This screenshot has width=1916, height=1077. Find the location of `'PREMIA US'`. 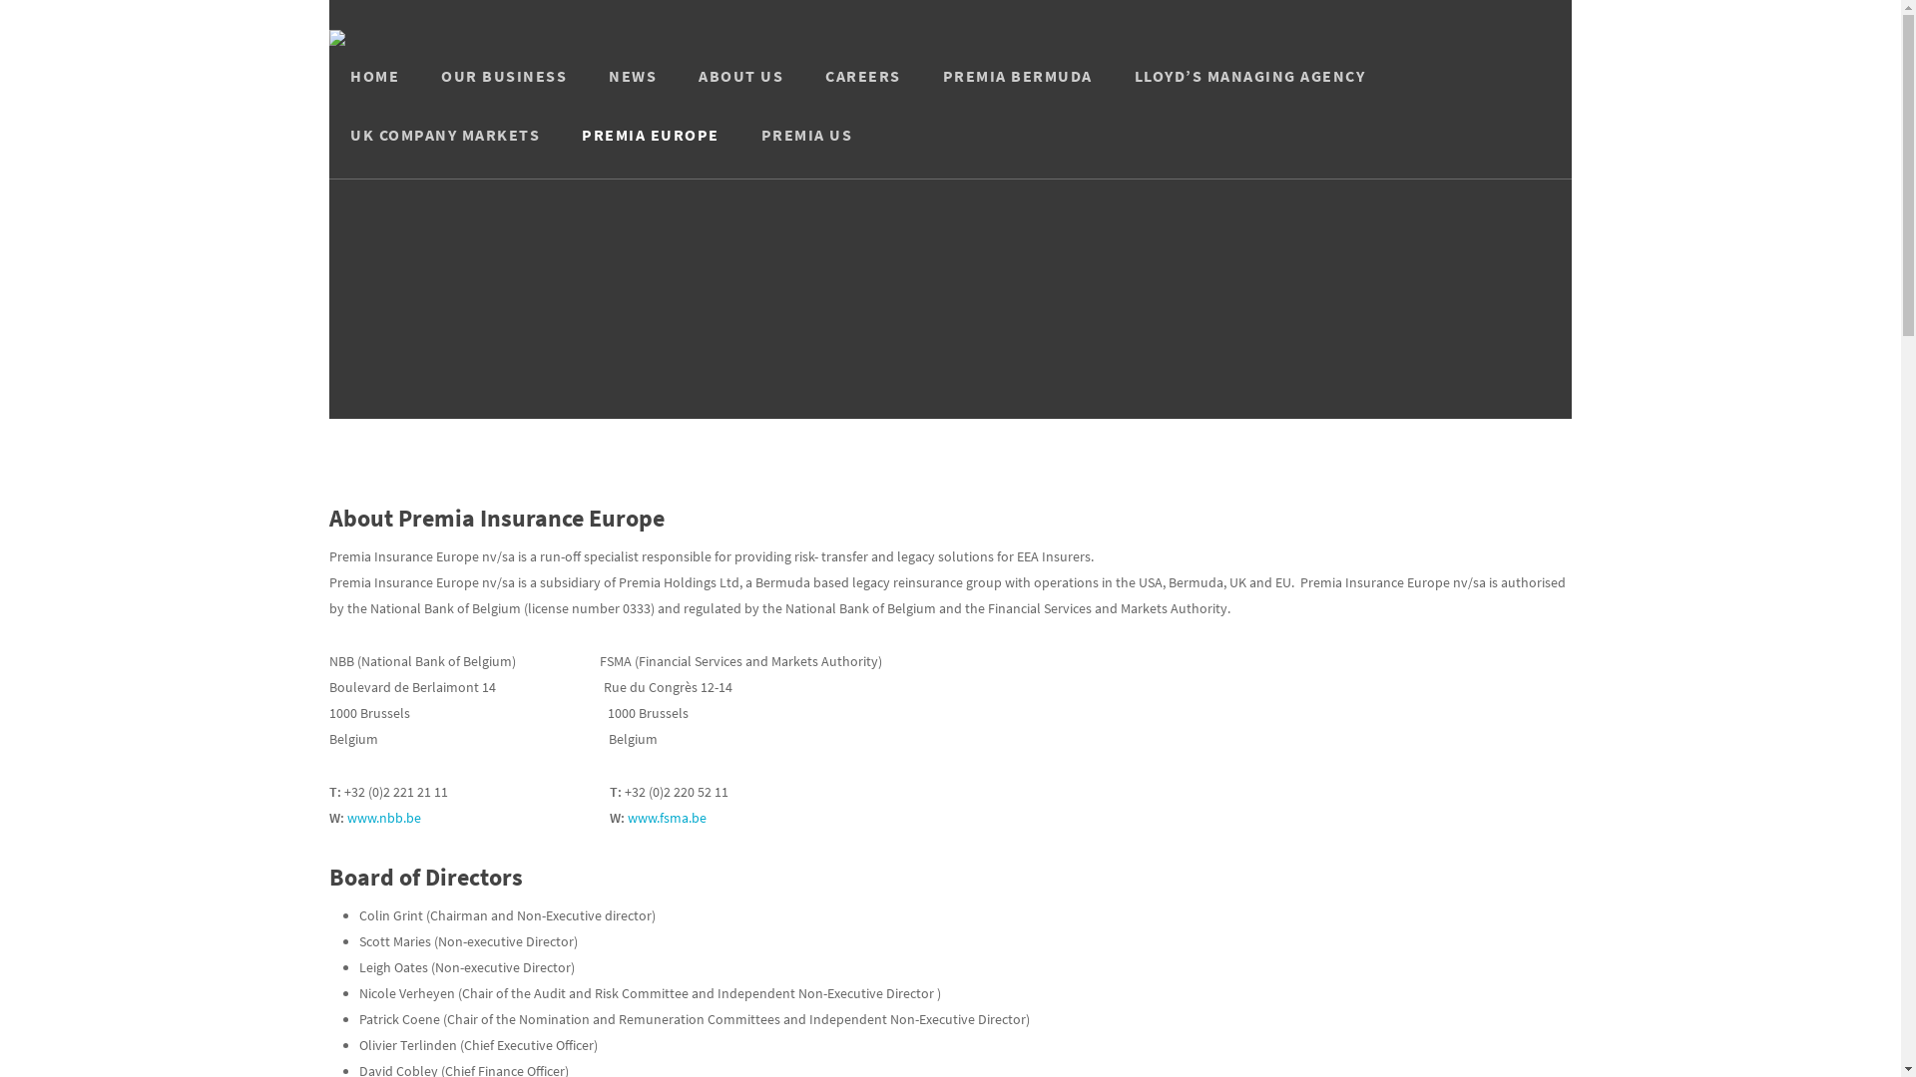

'PREMIA US' is located at coordinates (739, 149).